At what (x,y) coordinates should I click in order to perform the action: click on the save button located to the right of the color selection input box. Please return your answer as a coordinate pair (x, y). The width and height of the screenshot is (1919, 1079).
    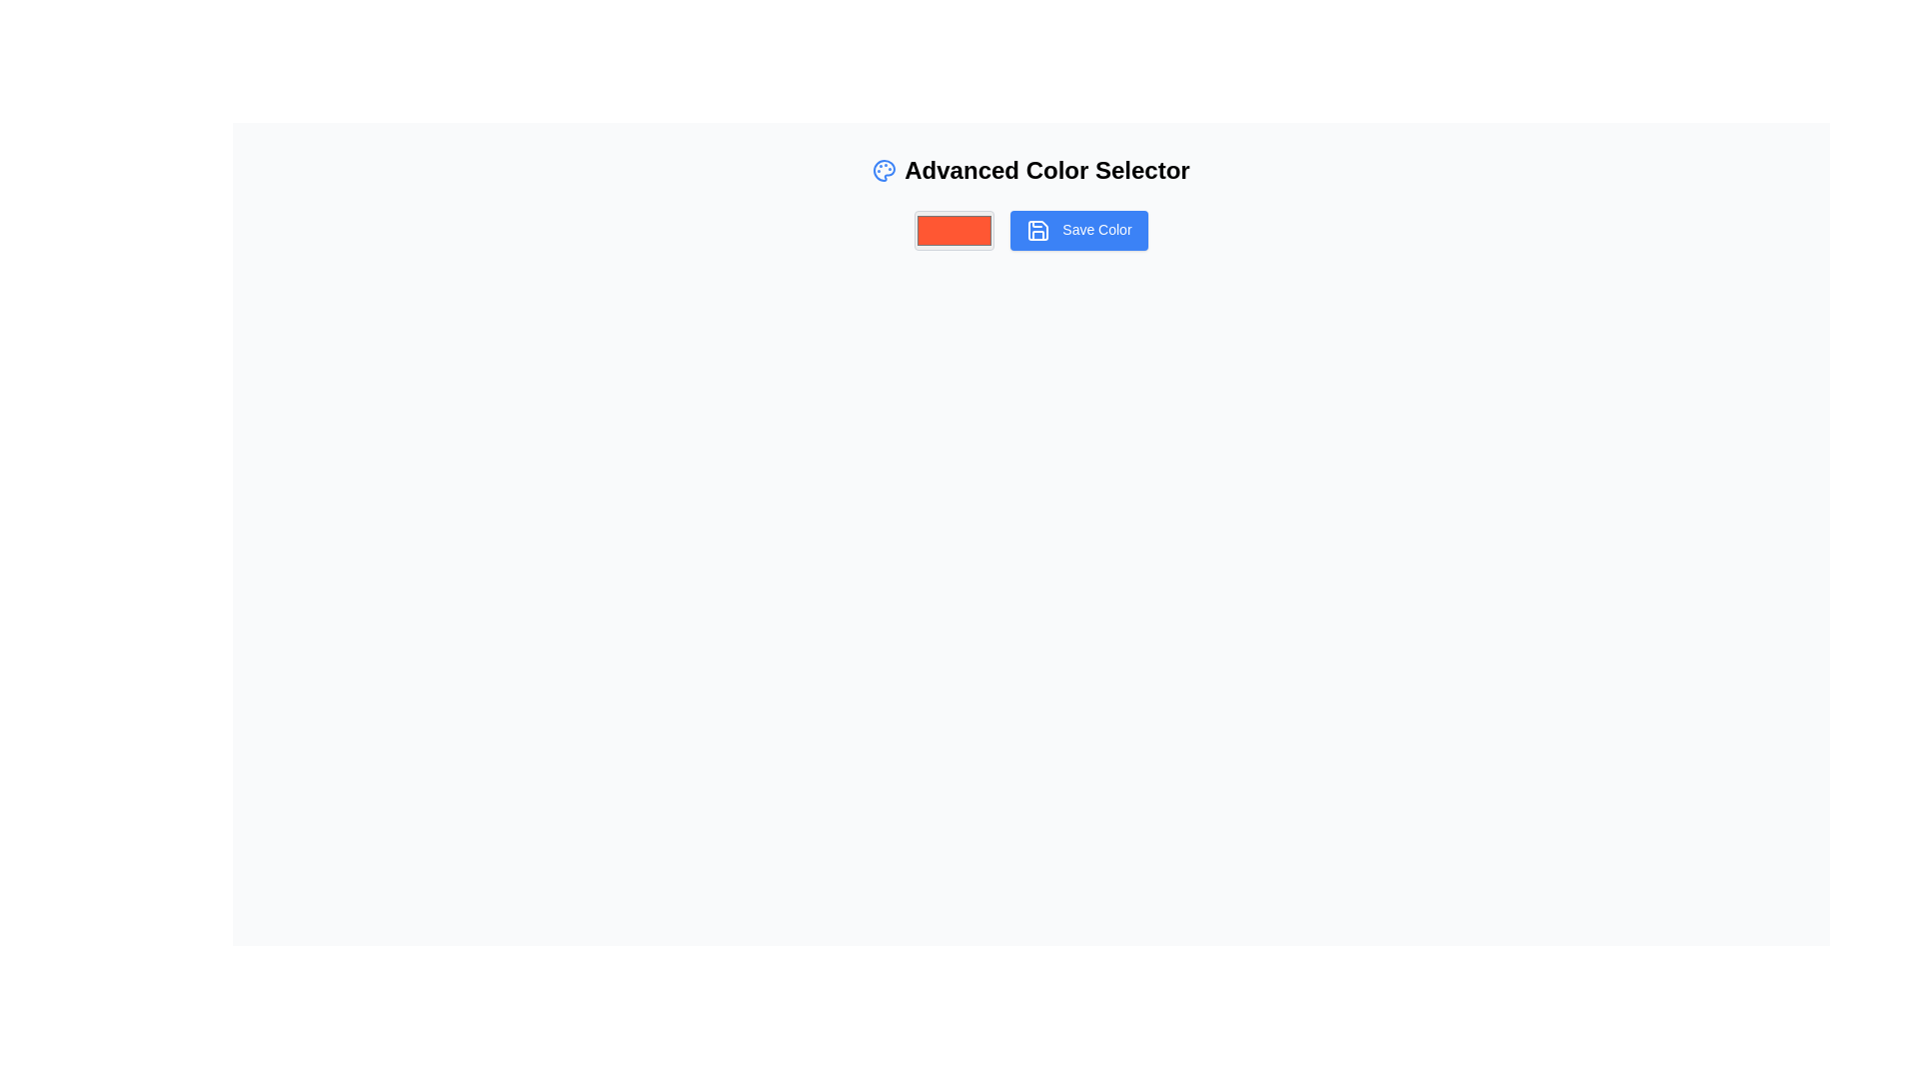
    Looking at the image, I should click on (1078, 230).